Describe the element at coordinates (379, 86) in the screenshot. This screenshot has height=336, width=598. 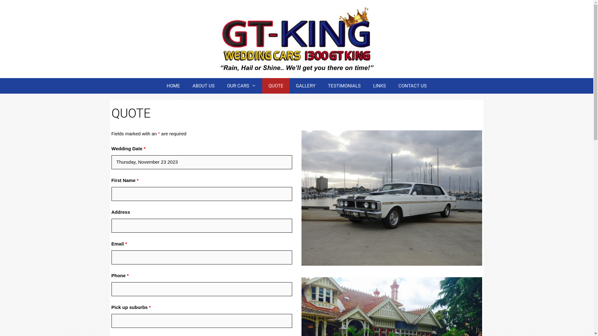
I see `'LINKS'` at that location.